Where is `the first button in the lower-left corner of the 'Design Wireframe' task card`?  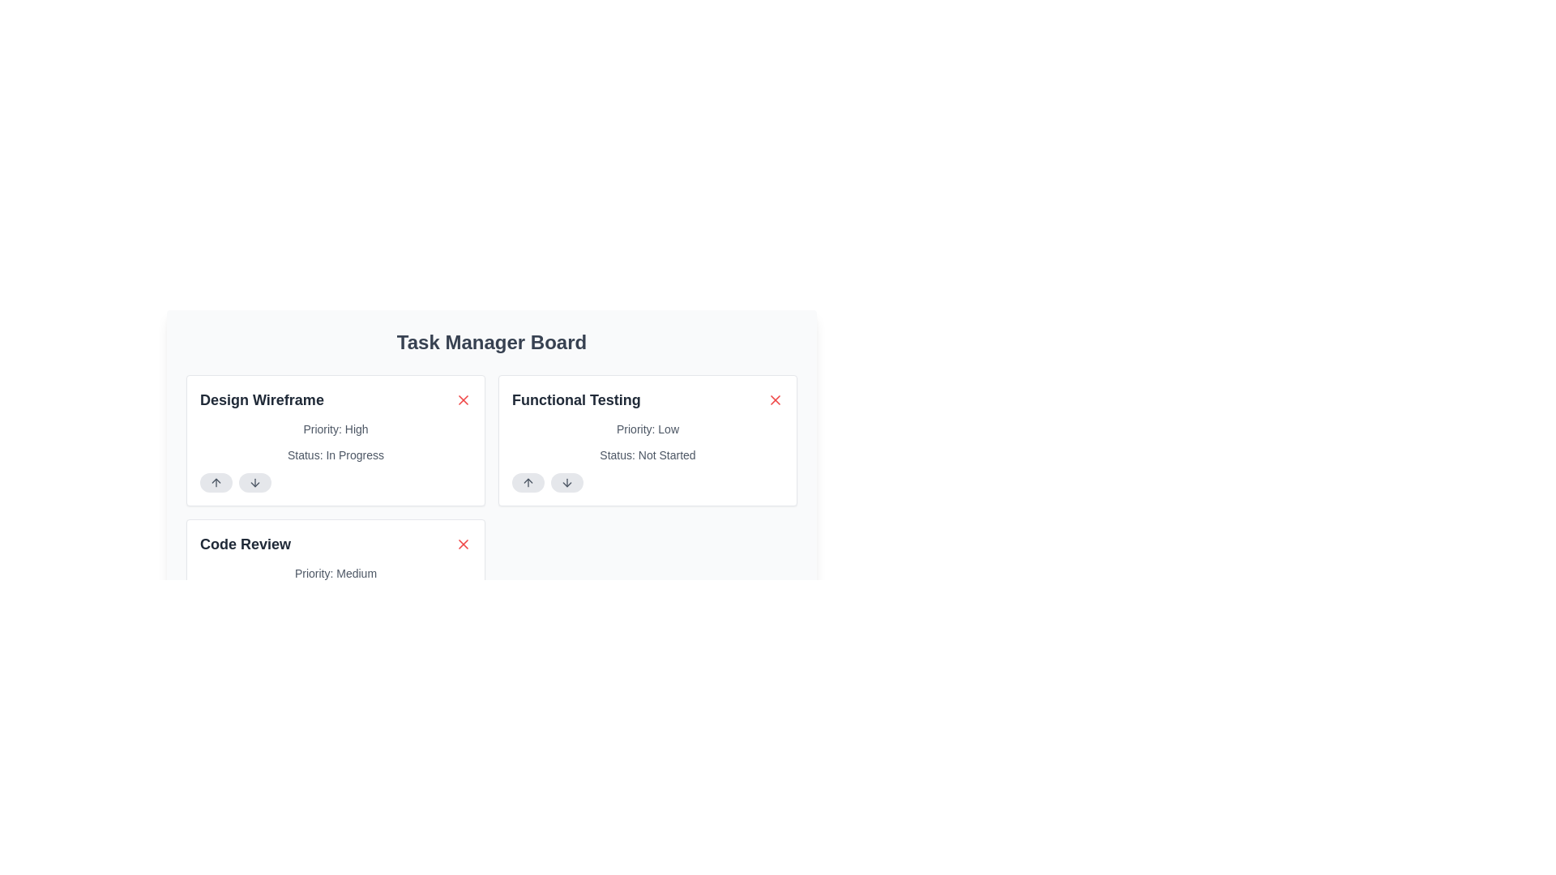 the first button in the lower-left corner of the 'Design Wireframe' task card is located at coordinates (216, 482).